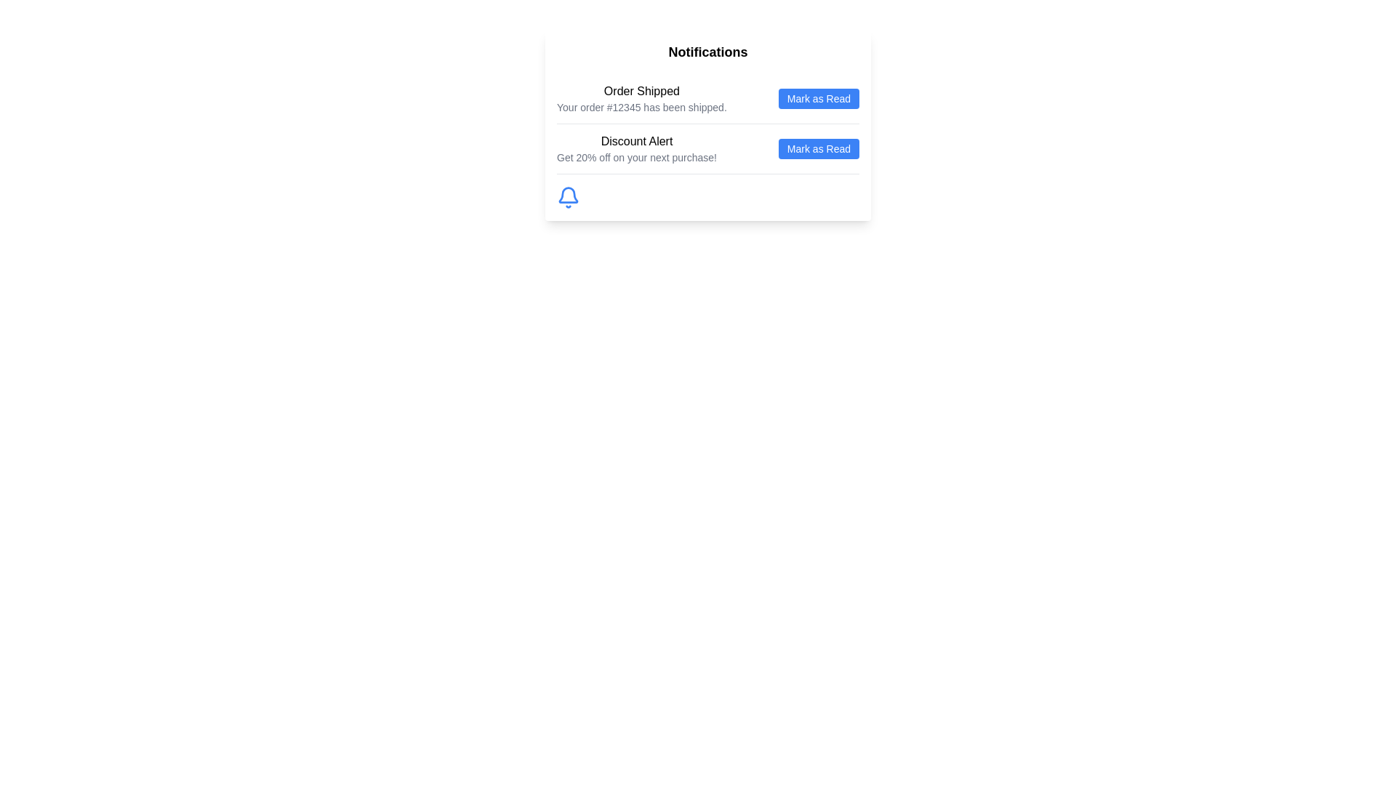 Image resolution: width=1396 pixels, height=785 pixels. Describe the element at coordinates (819, 148) in the screenshot. I see `the button that marks the corresponding notification as read, located adjacent to the notification message 'Get 20% off on your next purchase!'` at that location.